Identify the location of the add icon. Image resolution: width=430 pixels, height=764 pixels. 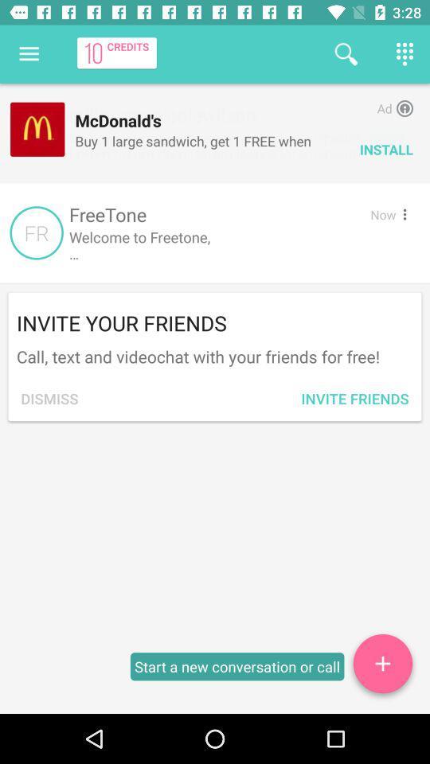
(381, 666).